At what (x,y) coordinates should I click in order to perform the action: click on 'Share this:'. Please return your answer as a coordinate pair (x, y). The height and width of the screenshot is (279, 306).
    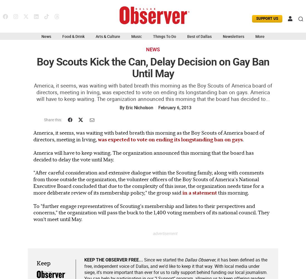
    Looking at the image, I should click on (43, 120).